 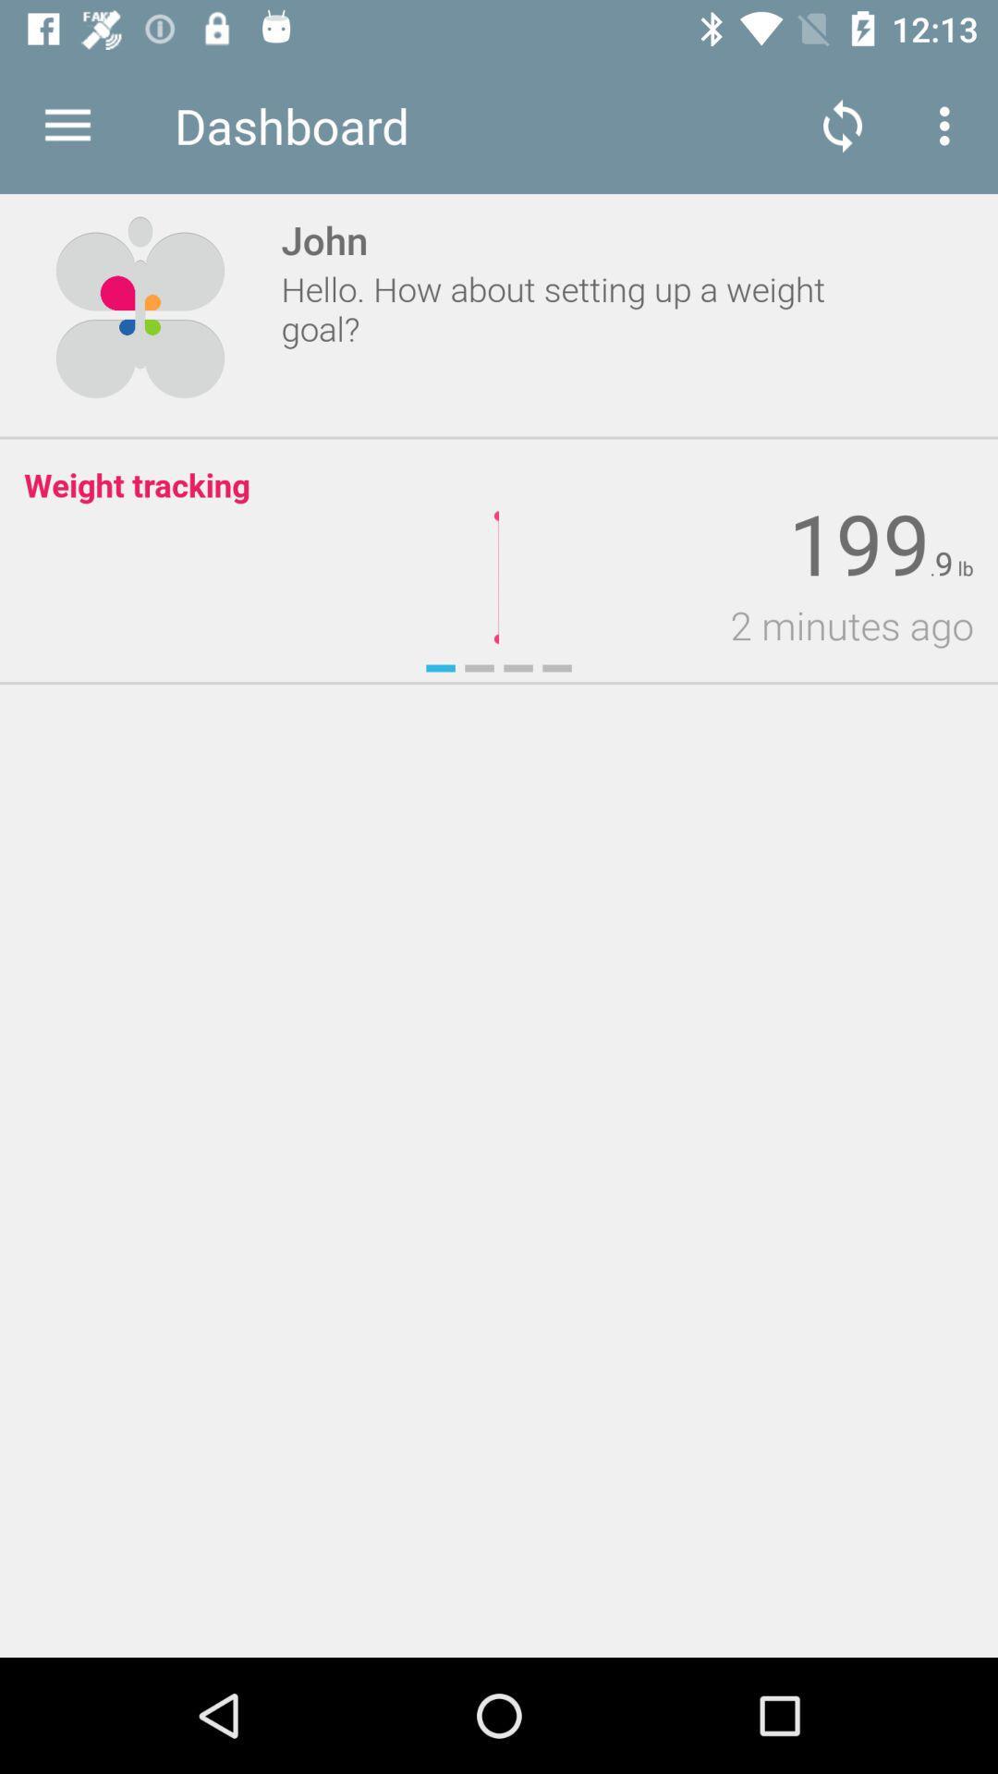 What do you see at coordinates (136, 484) in the screenshot?
I see `weight tracking` at bounding box center [136, 484].